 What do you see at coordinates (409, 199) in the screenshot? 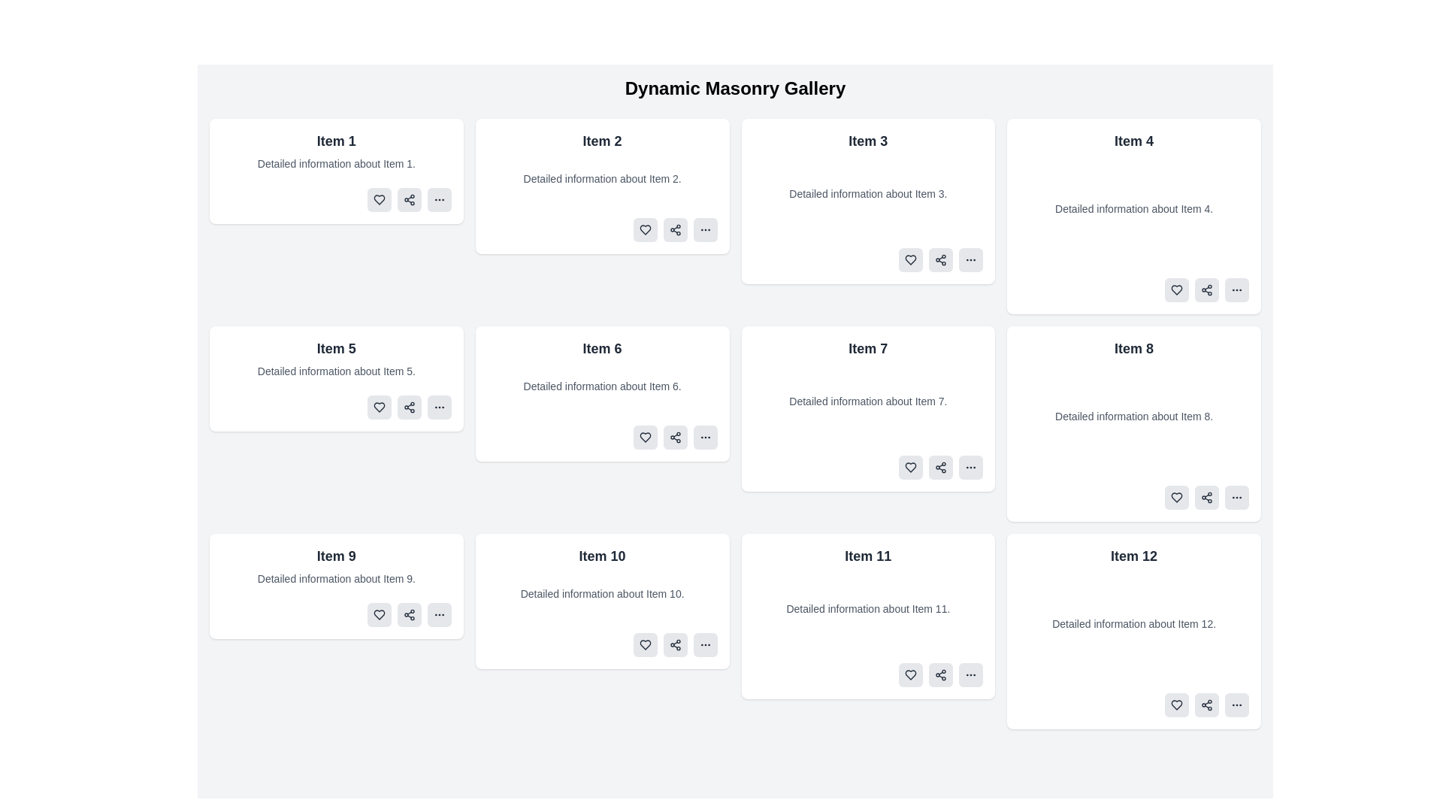
I see `the share icon button, which is a triangular shape with three connected nodes, located beneath the content of the first item card in the masonry grid layout` at bounding box center [409, 199].